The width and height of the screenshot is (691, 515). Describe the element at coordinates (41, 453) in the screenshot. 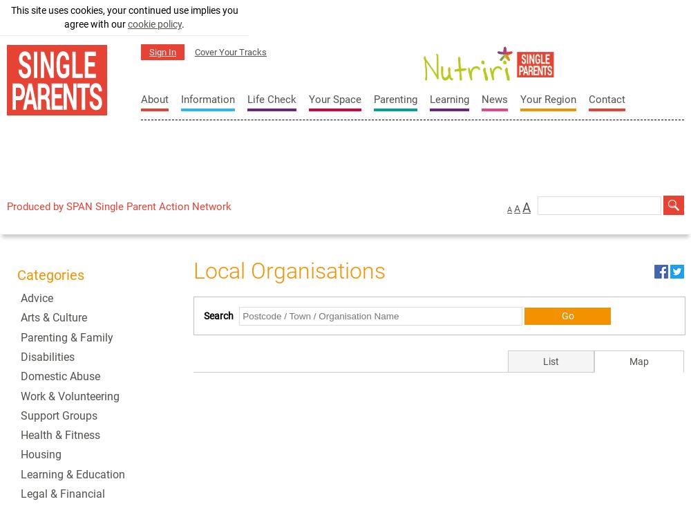

I see `'Housing'` at that location.